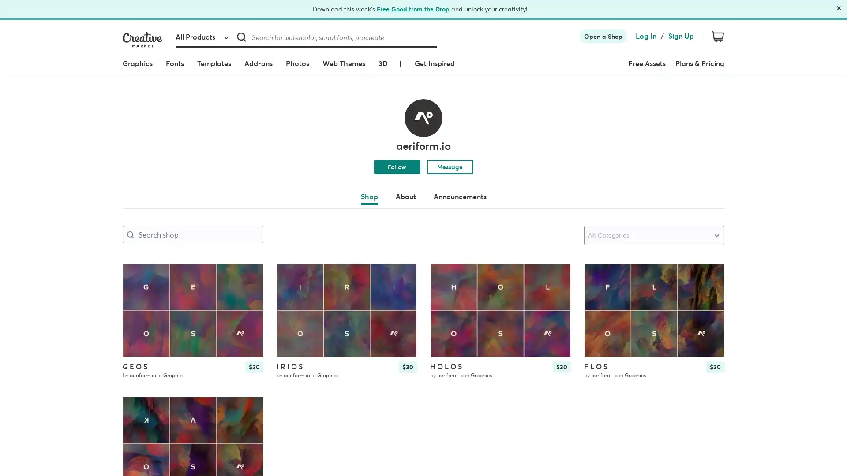  What do you see at coordinates (555, 291) in the screenshot?
I see `Save` at bounding box center [555, 291].